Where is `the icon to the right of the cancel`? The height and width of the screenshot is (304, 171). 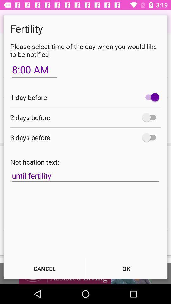 the icon to the right of the cancel is located at coordinates (126, 268).